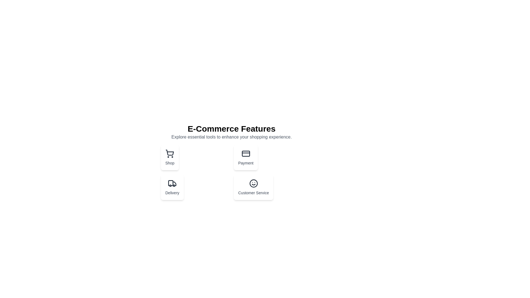 Image resolution: width=530 pixels, height=298 pixels. Describe the element at coordinates (245, 153) in the screenshot. I see `the static visual icon element styled like a card, which is centered within the credit card icon in the 'Payment' section of the interface` at that location.